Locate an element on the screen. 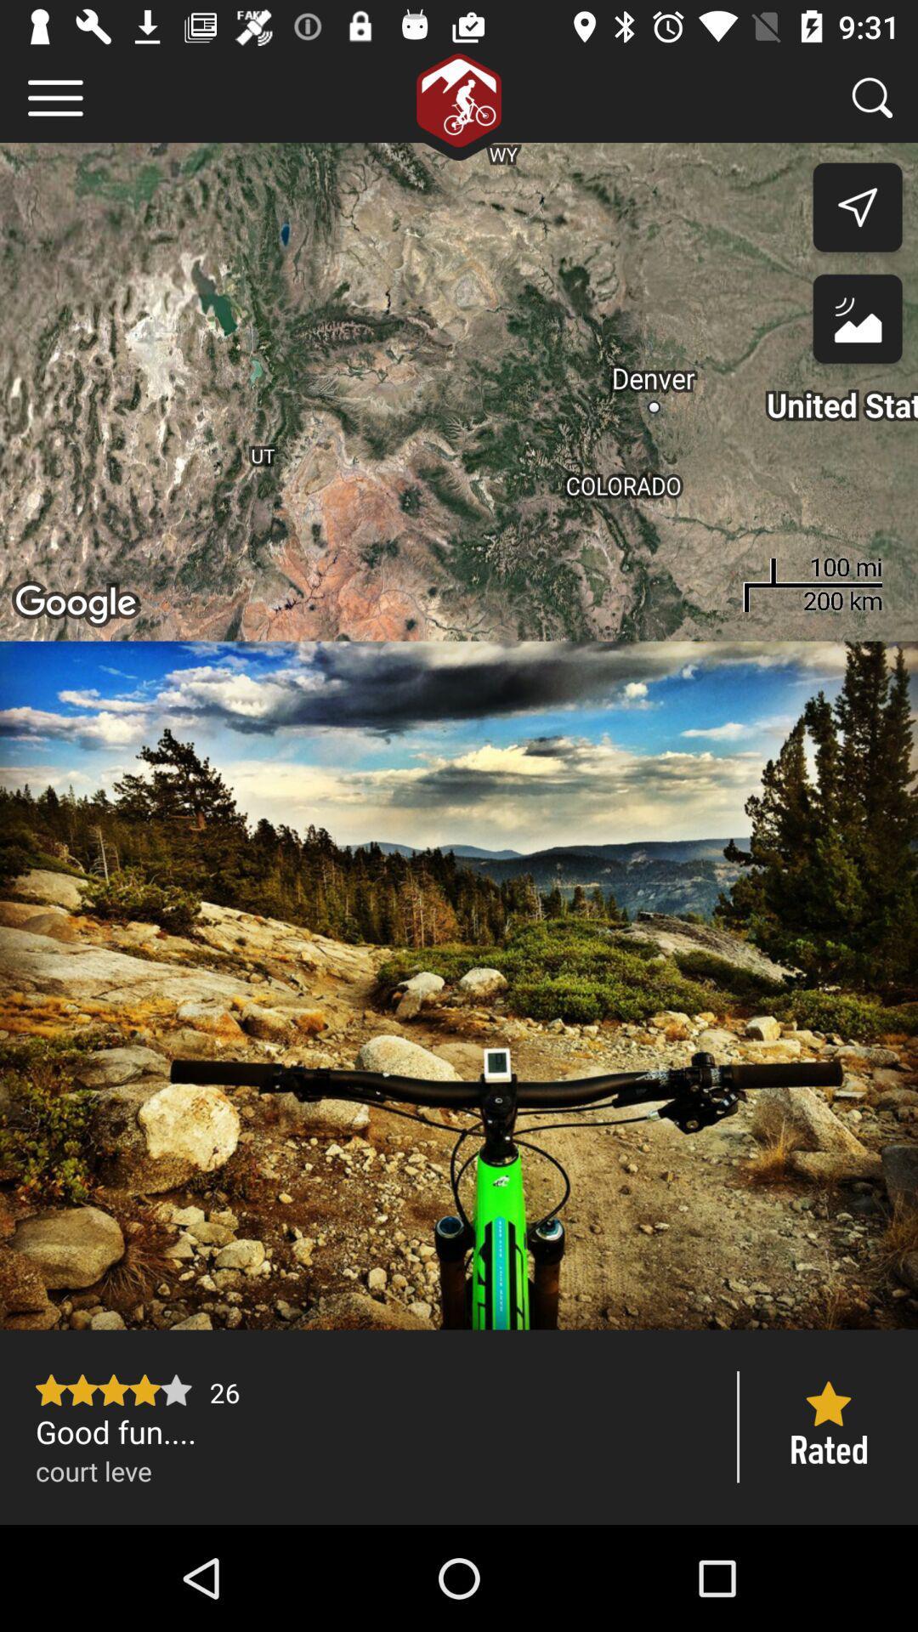 The height and width of the screenshot is (1632, 918). the main menu is located at coordinates (54, 97).